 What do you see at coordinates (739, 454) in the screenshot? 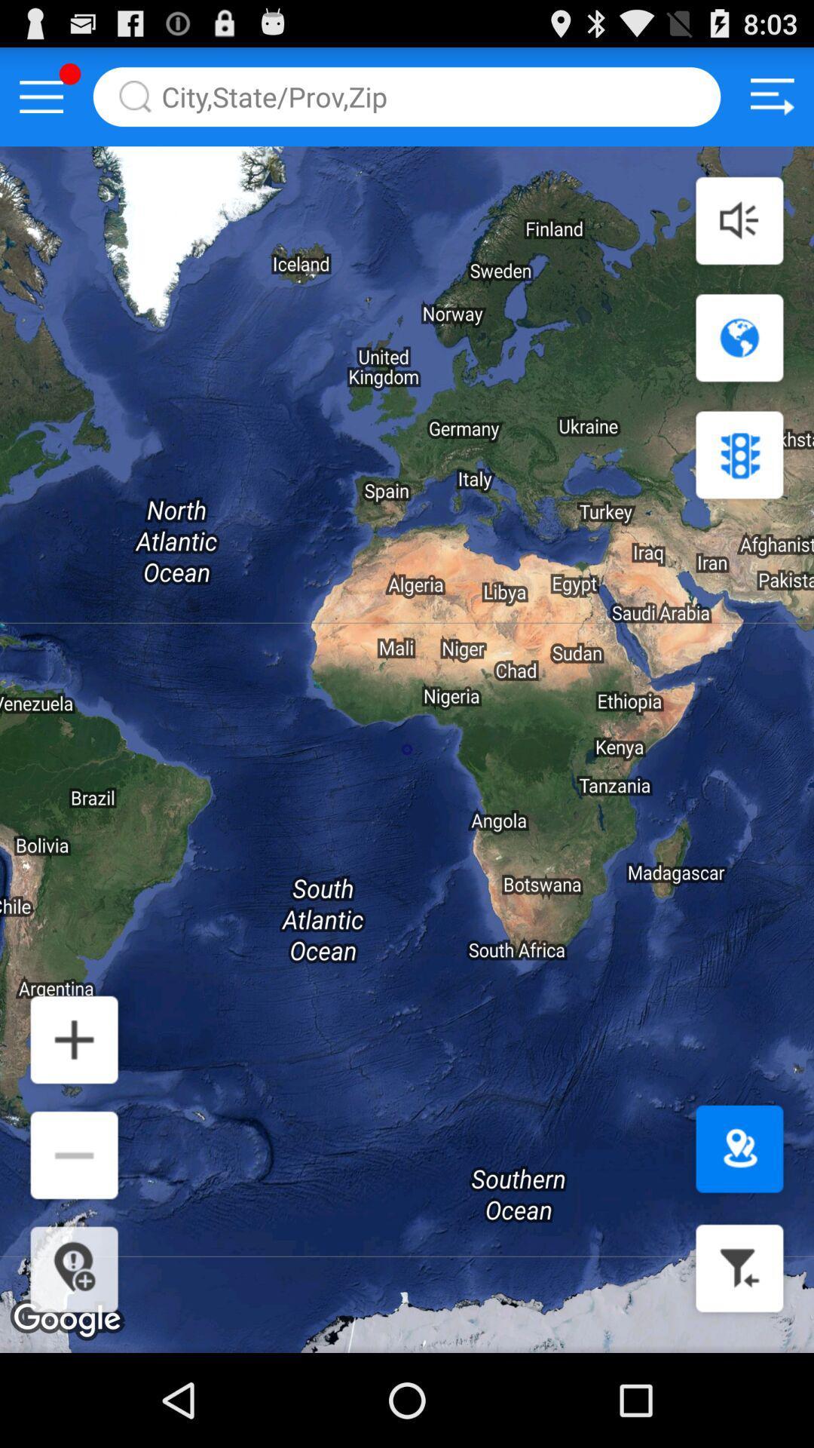
I see `stops` at bounding box center [739, 454].